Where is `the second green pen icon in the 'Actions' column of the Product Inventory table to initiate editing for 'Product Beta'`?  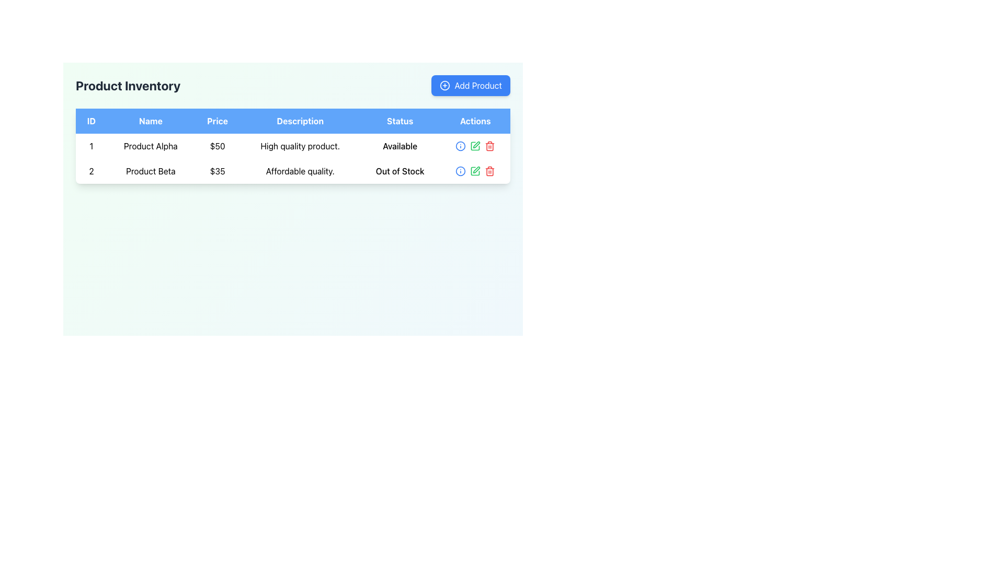
the second green pen icon in the 'Actions' column of the Product Inventory table to initiate editing for 'Product Beta' is located at coordinates (475, 170).